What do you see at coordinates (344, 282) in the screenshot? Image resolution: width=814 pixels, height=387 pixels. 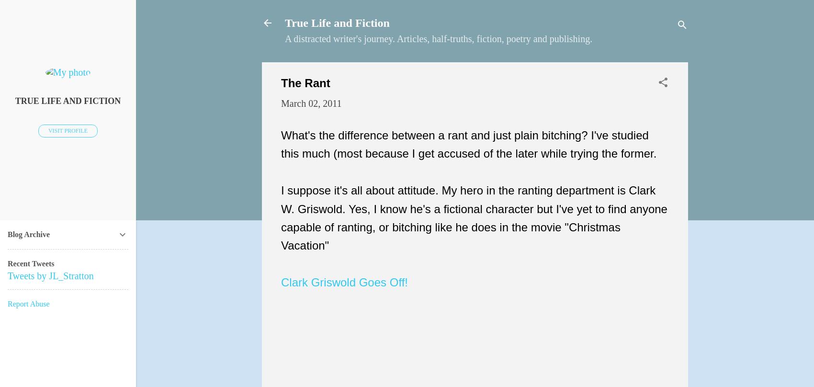 I see `'Clark Griswold Goes Off!'` at bounding box center [344, 282].